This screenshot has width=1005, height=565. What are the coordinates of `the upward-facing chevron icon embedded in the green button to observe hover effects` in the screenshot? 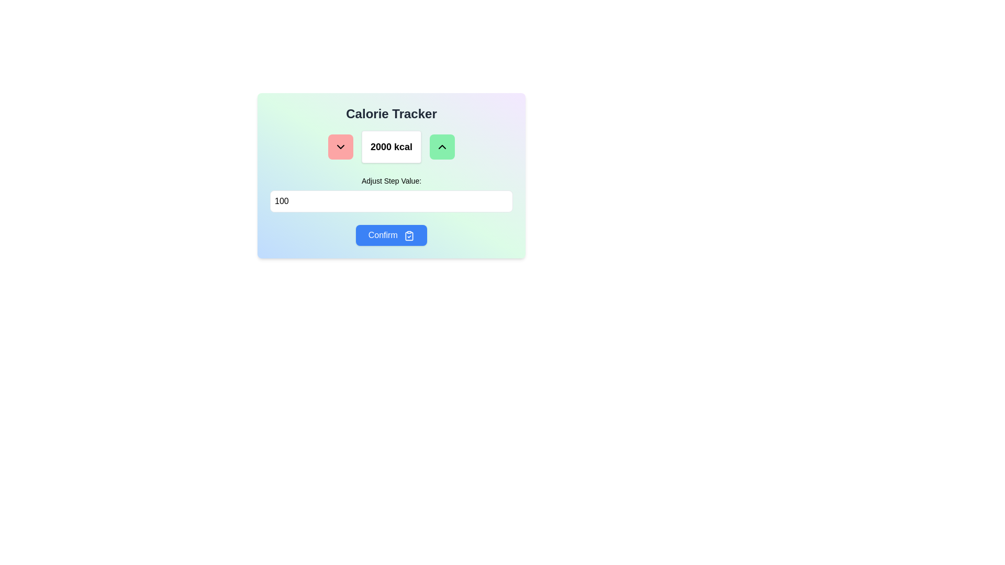 It's located at (442, 147).